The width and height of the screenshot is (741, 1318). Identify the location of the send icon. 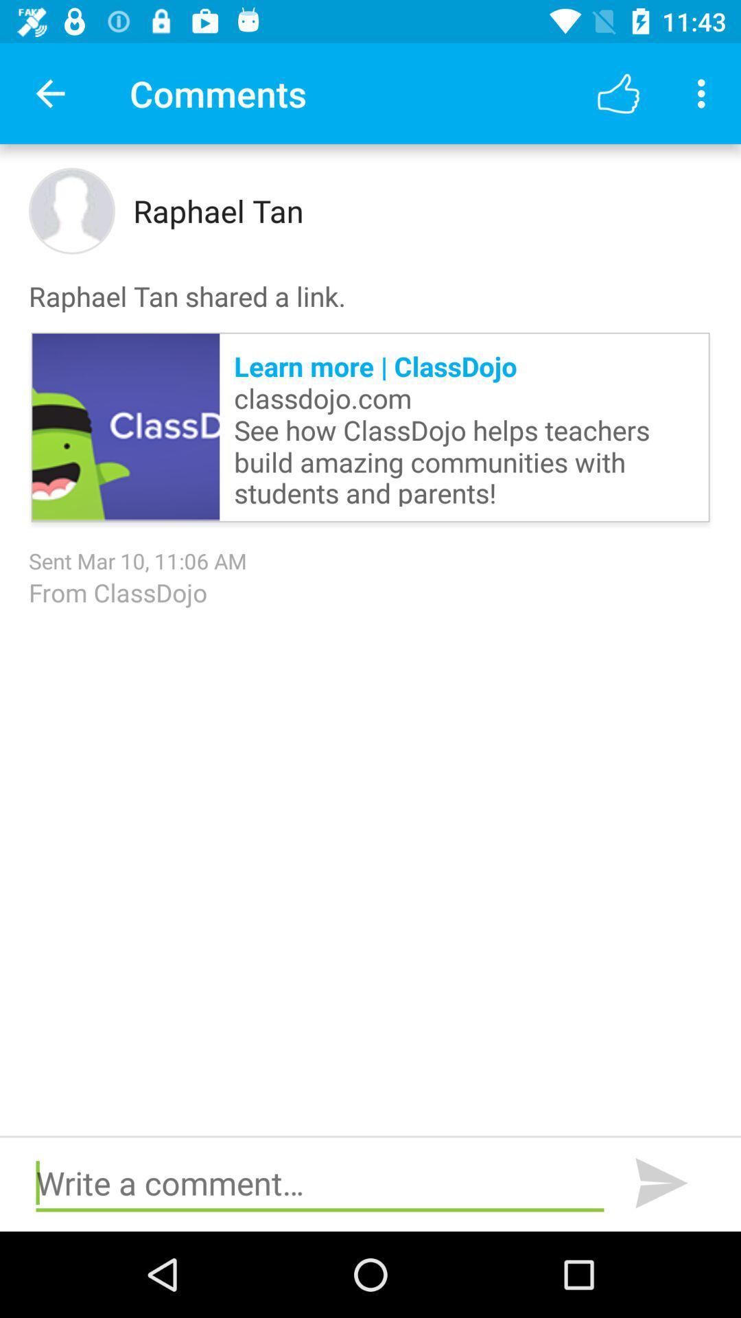
(661, 1183).